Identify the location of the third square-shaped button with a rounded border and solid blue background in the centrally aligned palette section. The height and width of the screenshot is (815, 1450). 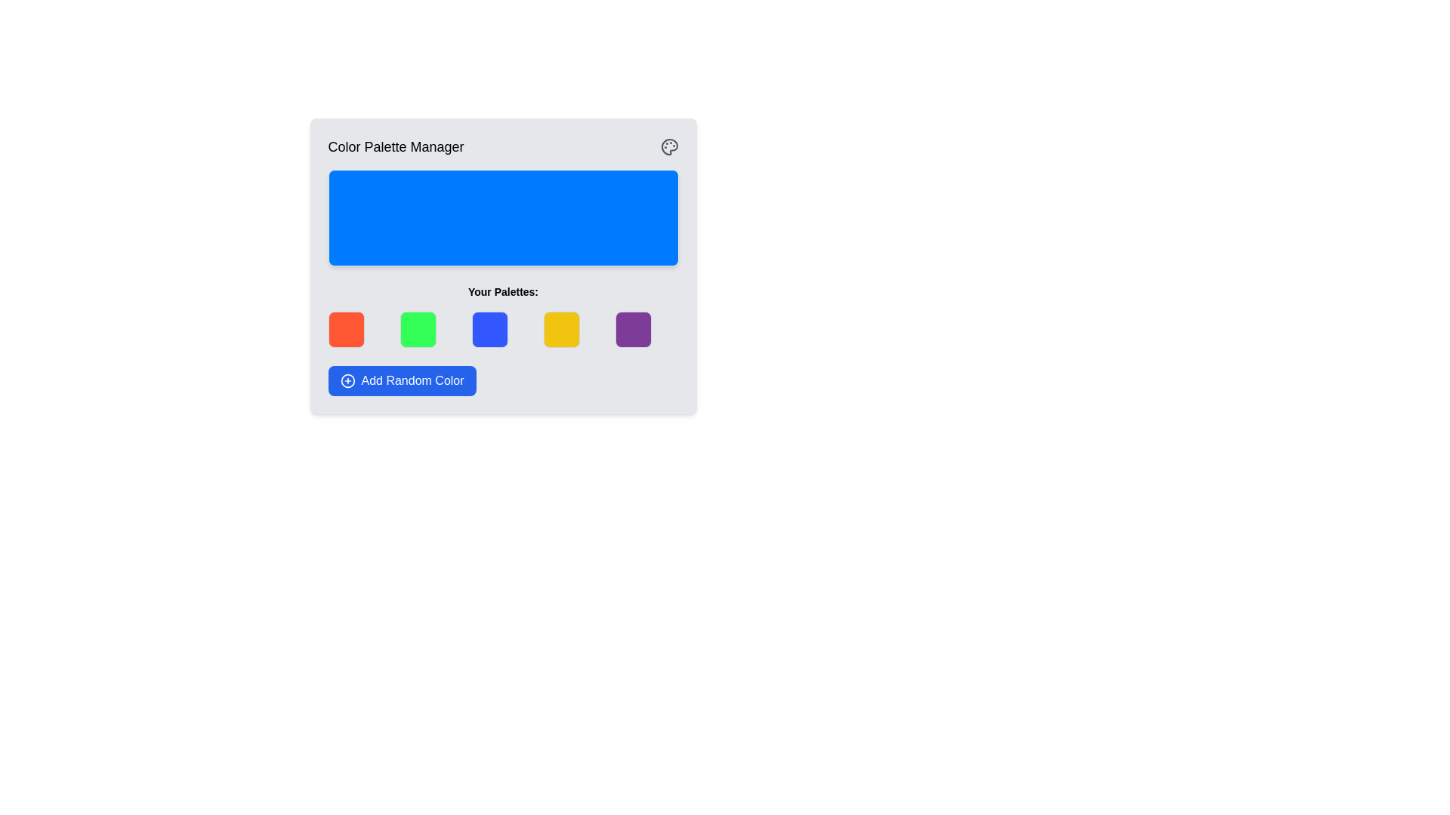
(489, 328).